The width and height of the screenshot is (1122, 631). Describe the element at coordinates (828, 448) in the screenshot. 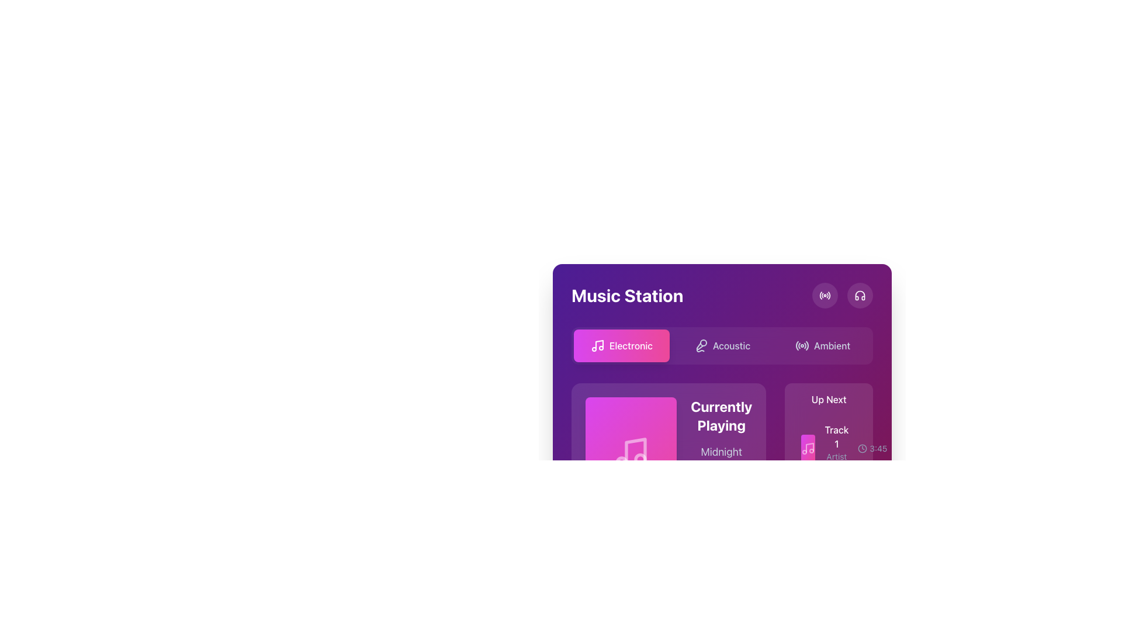

I see `the first item in the 'Up Next' area of the playlist, which is labeled 'Track 1' by 'Artist 1'` at that location.